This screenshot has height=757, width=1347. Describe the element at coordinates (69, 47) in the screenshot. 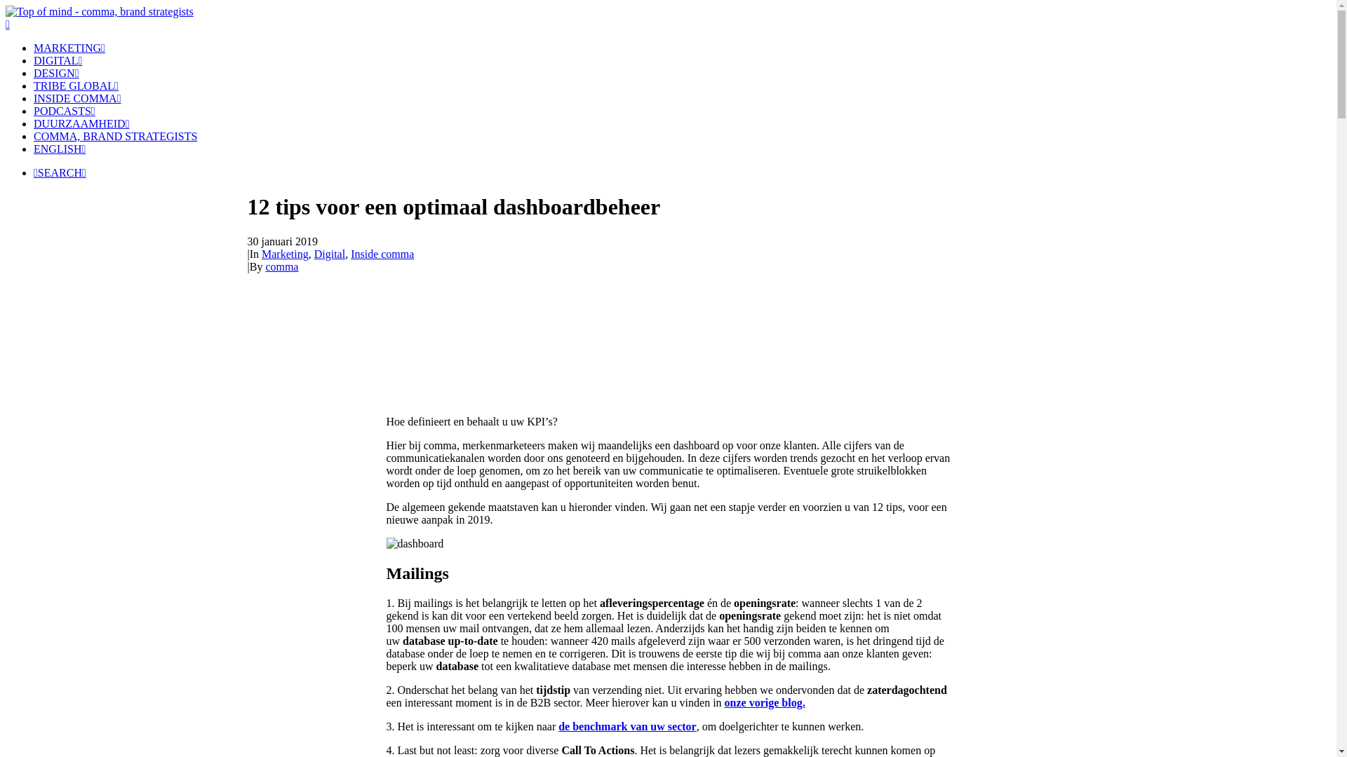

I see `'MARKETING'` at that location.